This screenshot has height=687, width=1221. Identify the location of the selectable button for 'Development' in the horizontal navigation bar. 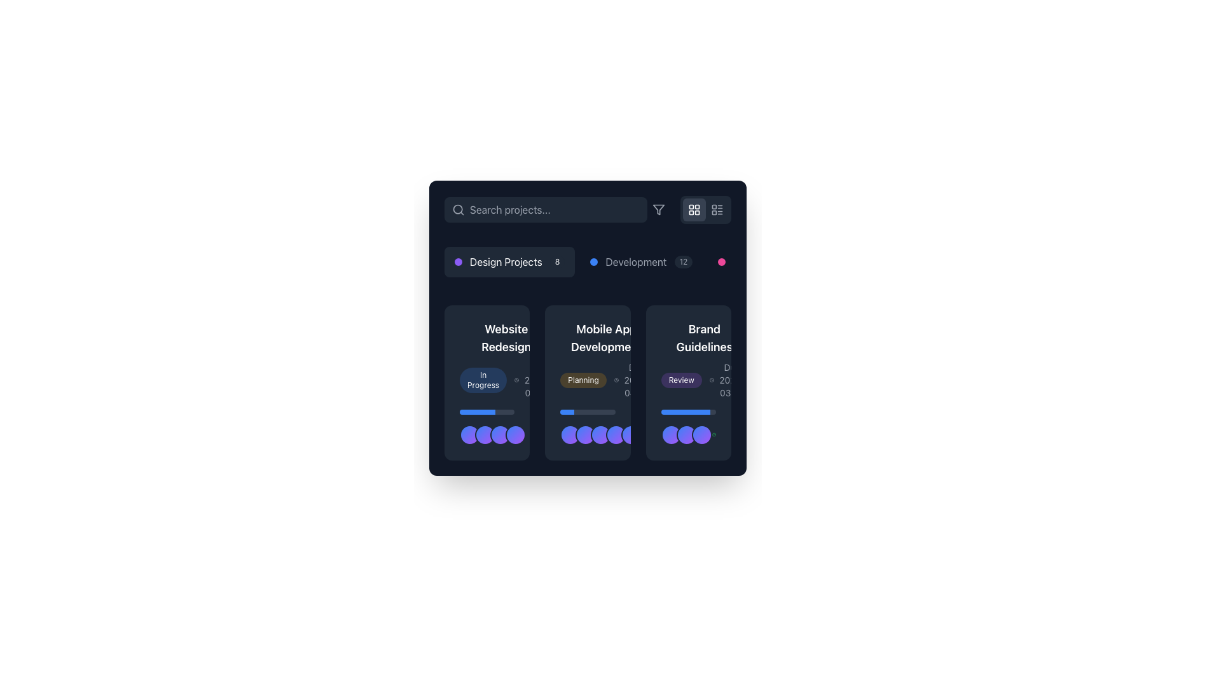
(641, 261).